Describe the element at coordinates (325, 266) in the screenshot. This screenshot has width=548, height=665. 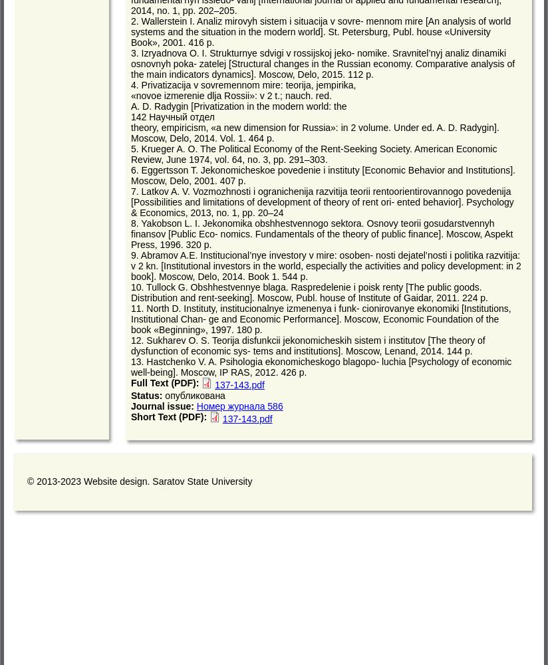
I see `'9.	Abramov A.E. Institucional’nye investory v mire: osoben- nosti dejatel’nosti i politika razvitija: v 2 kn. [Institutional investors in the world, especially the activities and policy development: in 2 book]. Moscow, Delo, 2014. Book 1. 544 p.'` at that location.